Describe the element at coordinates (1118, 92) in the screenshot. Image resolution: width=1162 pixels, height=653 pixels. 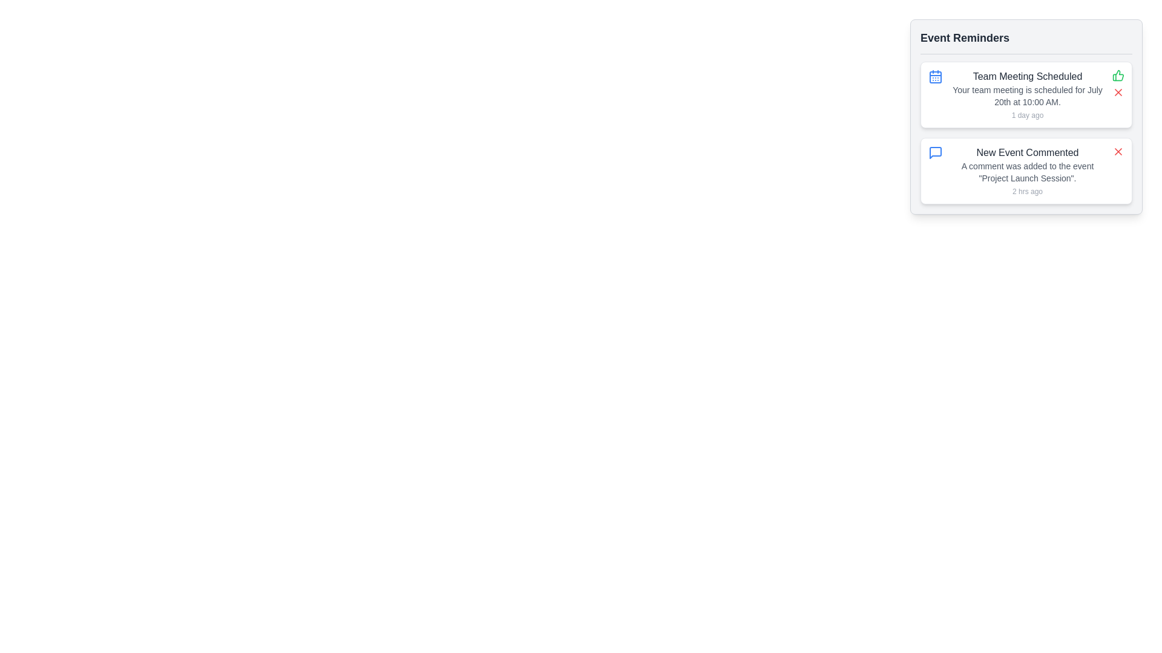
I see `the red 'X' icon button on the second notification card in the 'Event Reminders' section` at that location.